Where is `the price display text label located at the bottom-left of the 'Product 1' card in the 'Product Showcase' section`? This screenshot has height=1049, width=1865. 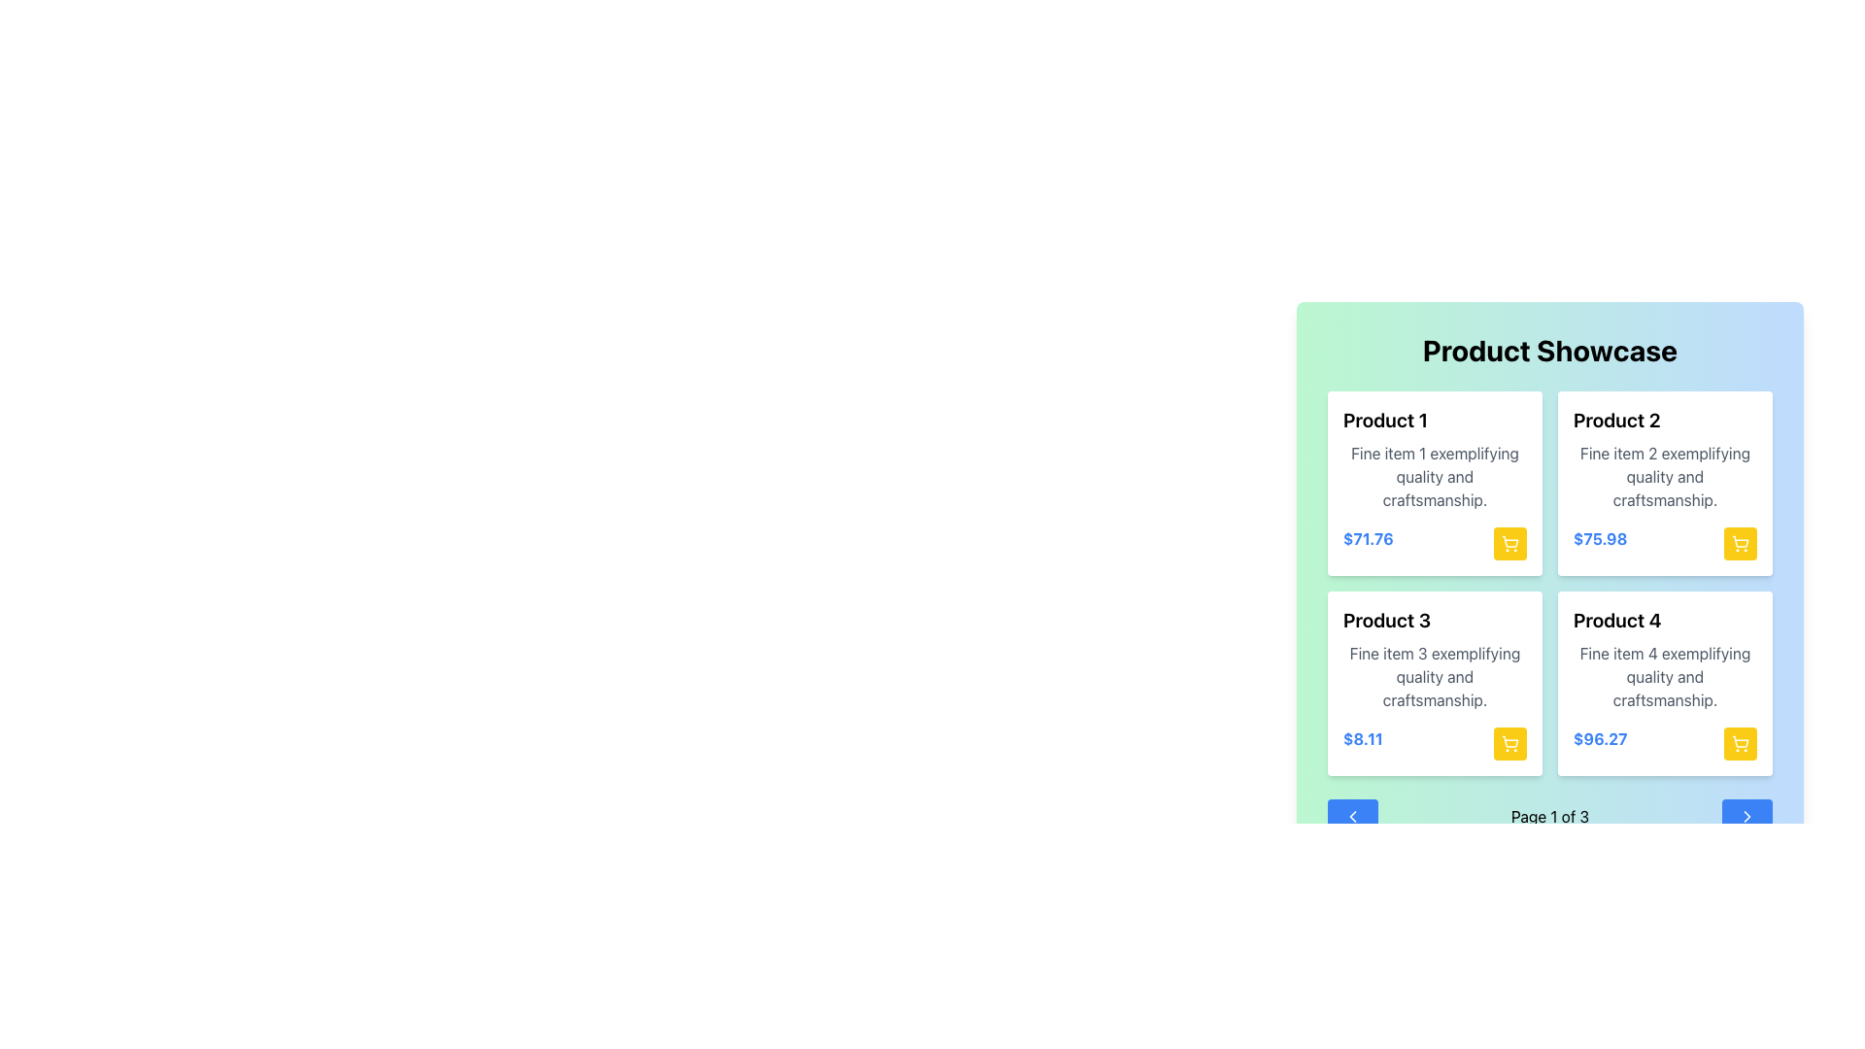 the price display text label located at the bottom-left of the 'Product 1' card in the 'Product Showcase' section is located at coordinates (1367, 543).